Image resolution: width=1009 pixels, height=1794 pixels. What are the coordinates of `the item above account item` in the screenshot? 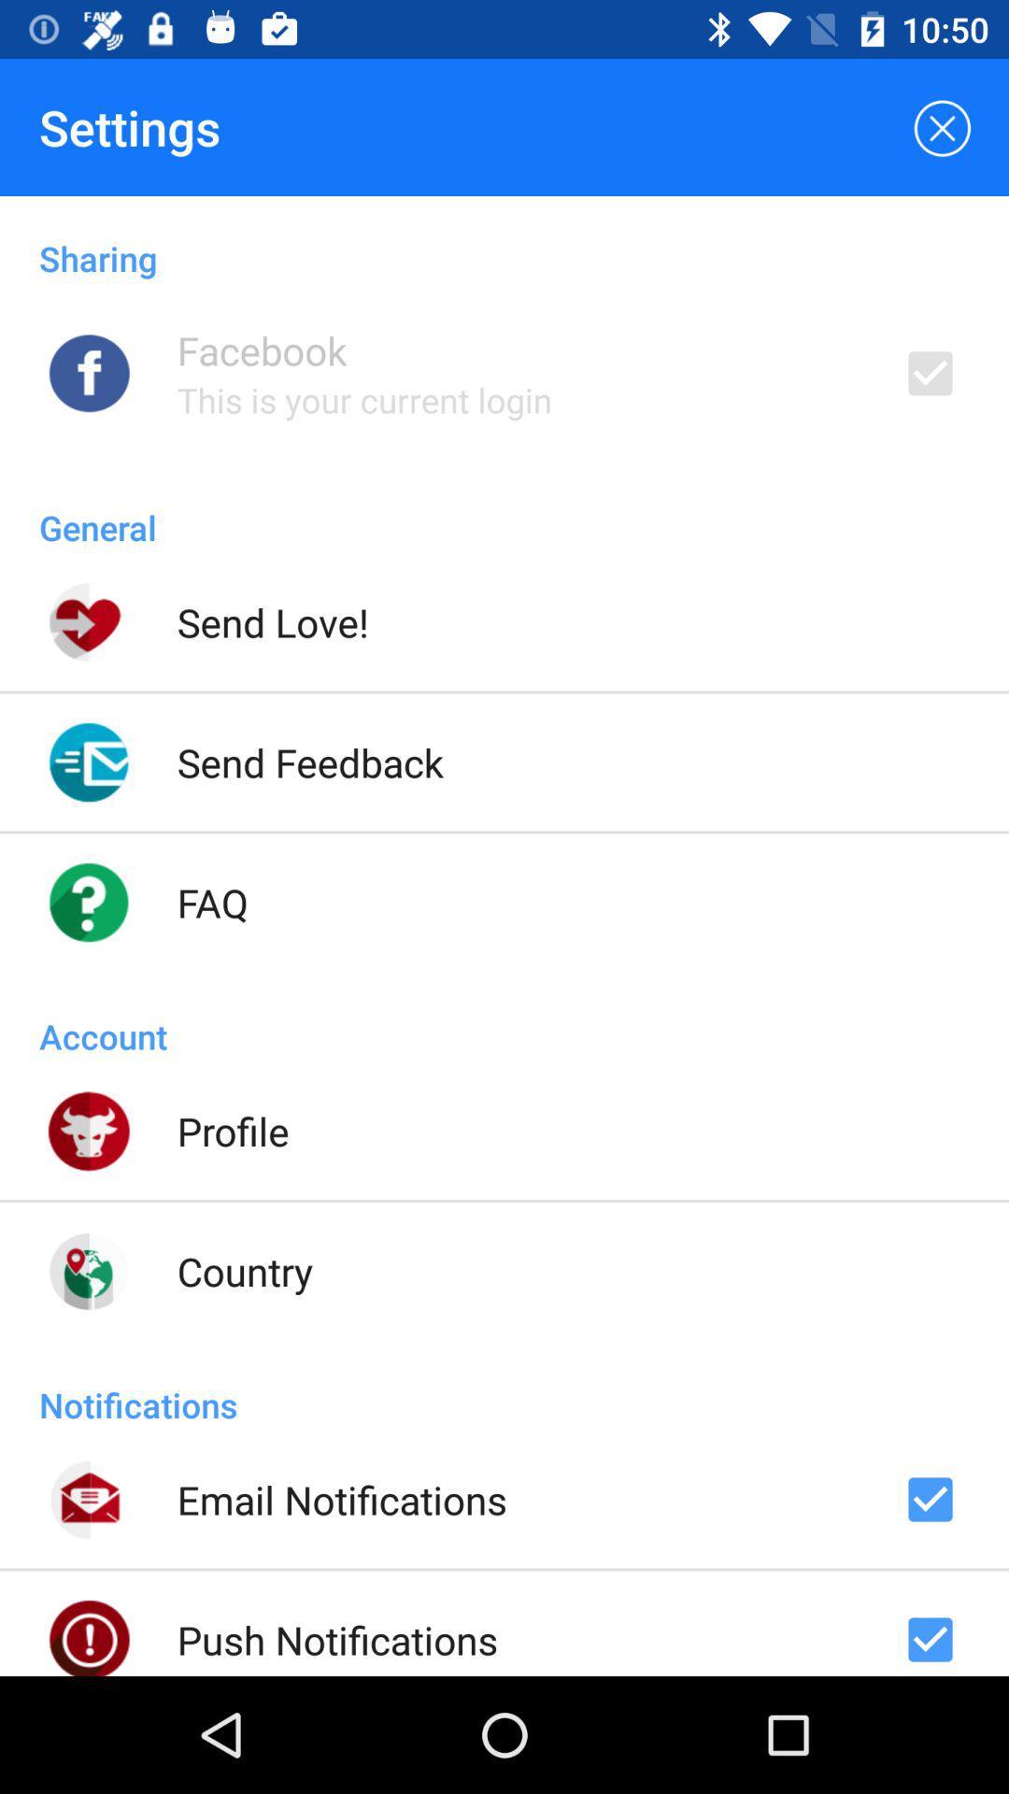 It's located at (211, 902).